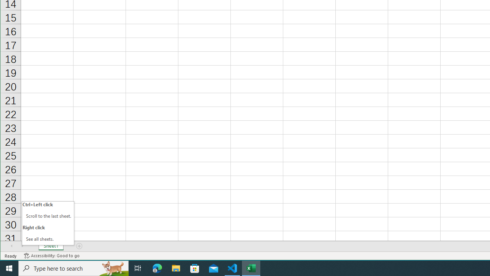  Describe the element at coordinates (113, 268) in the screenshot. I see `'Search highlights icon opens search home window'` at that location.